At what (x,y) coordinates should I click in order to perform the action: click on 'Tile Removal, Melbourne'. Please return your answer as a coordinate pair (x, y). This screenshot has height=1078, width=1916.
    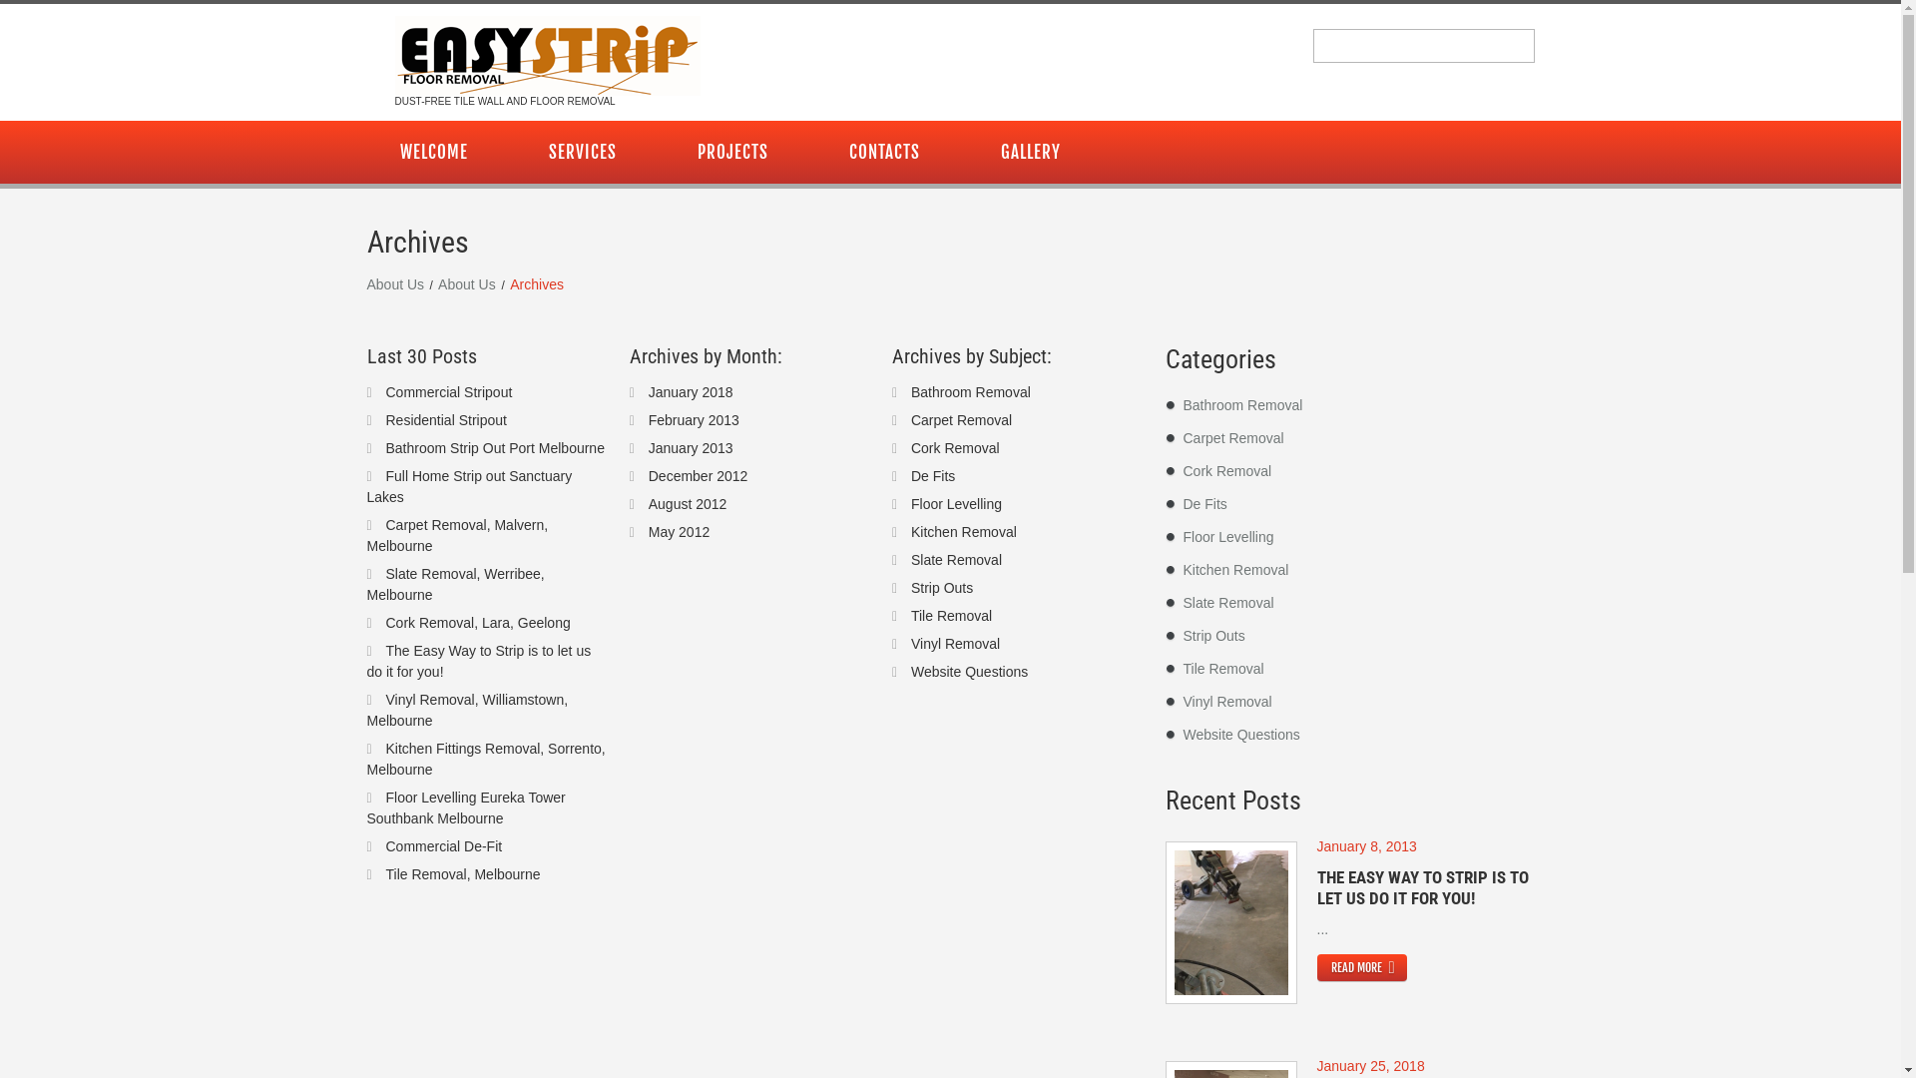
    Looking at the image, I should click on (384, 872).